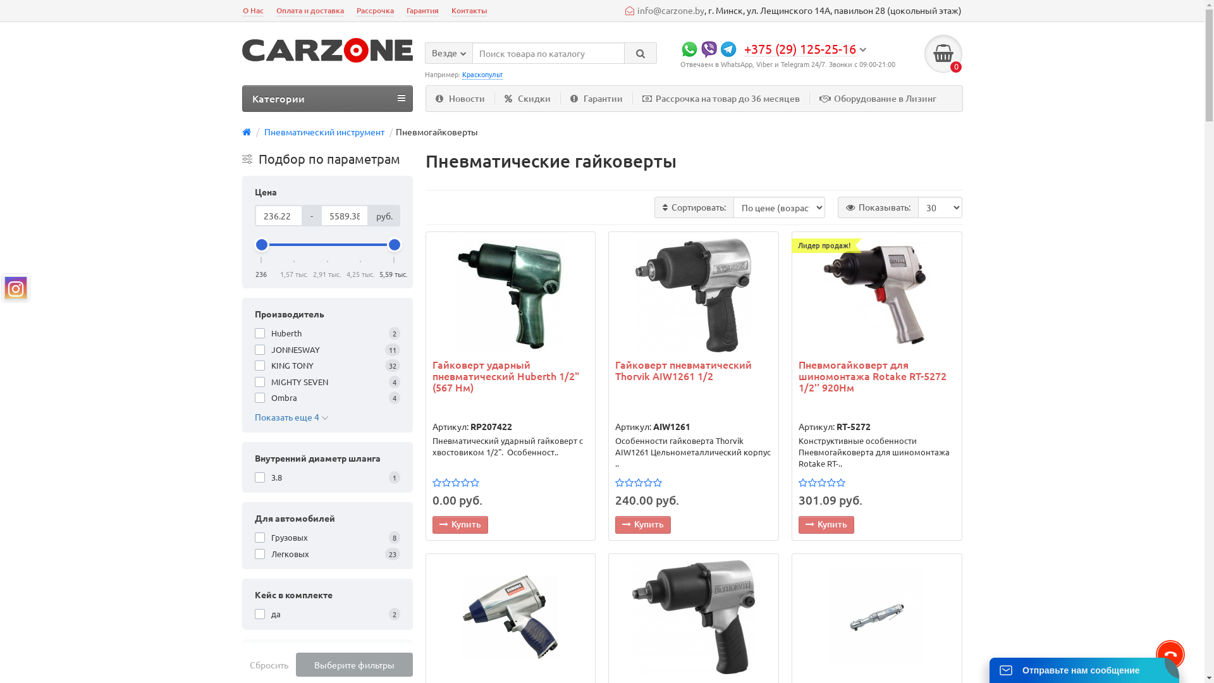 Image resolution: width=1214 pixels, height=683 pixels. I want to click on '0', so click(924, 52).